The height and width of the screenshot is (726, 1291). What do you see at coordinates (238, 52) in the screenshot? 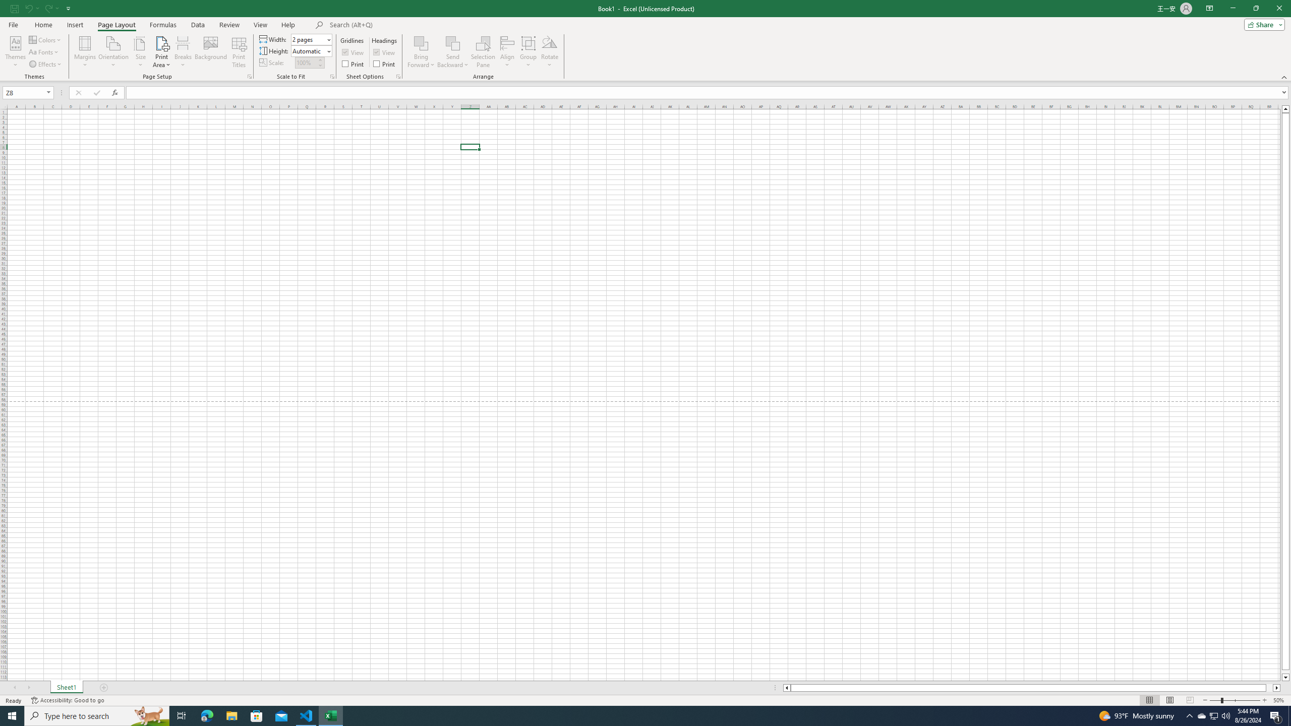
I see `'Print Titles'` at bounding box center [238, 52].